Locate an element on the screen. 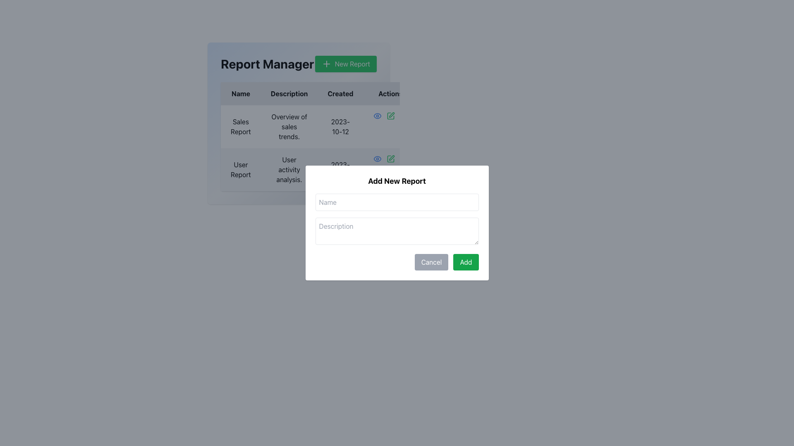  the small pencil-shaped icon in the second row of the table under the 'Action' column is located at coordinates (391, 158).